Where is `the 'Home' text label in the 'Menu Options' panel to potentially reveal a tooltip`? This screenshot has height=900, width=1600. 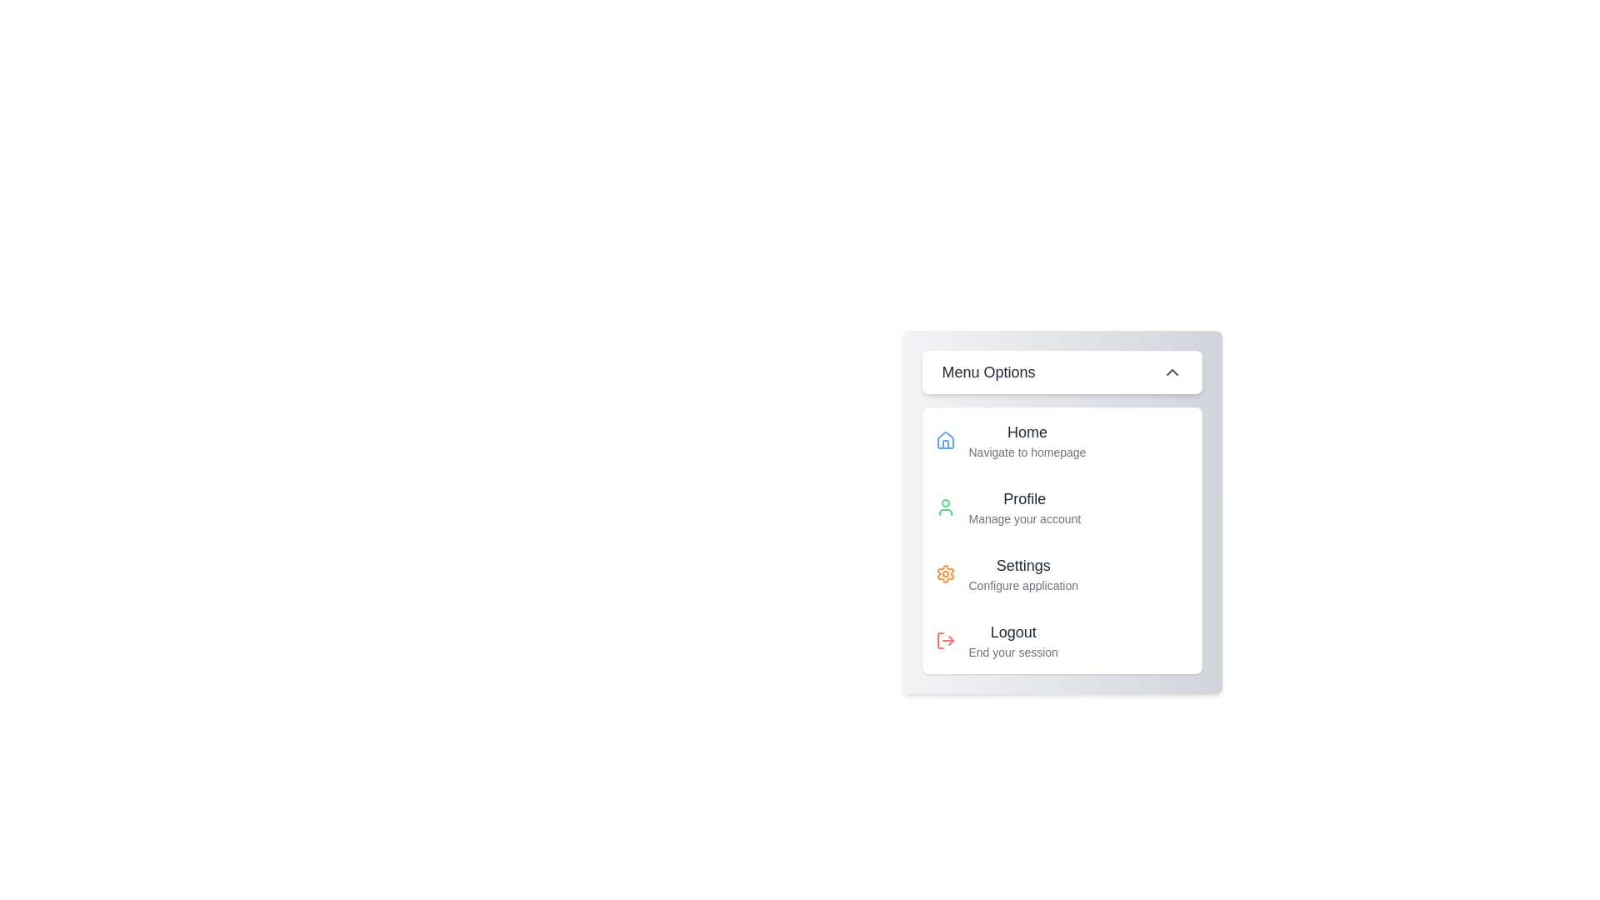
the 'Home' text label in the 'Menu Options' panel to potentially reveal a tooltip is located at coordinates (1027, 439).